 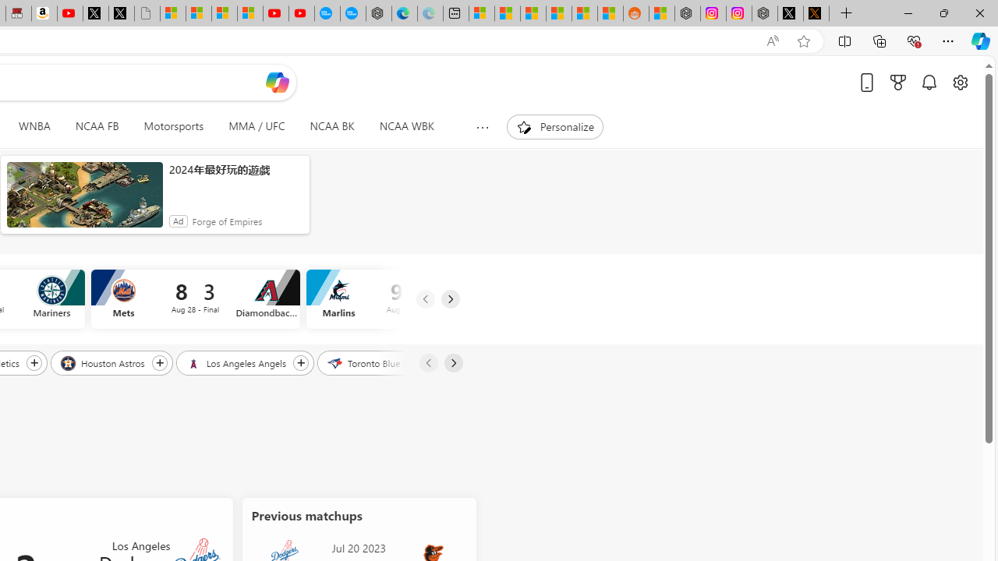 What do you see at coordinates (96, 126) in the screenshot?
I see `'NCAA FB'` at bounding box center [96, 126].